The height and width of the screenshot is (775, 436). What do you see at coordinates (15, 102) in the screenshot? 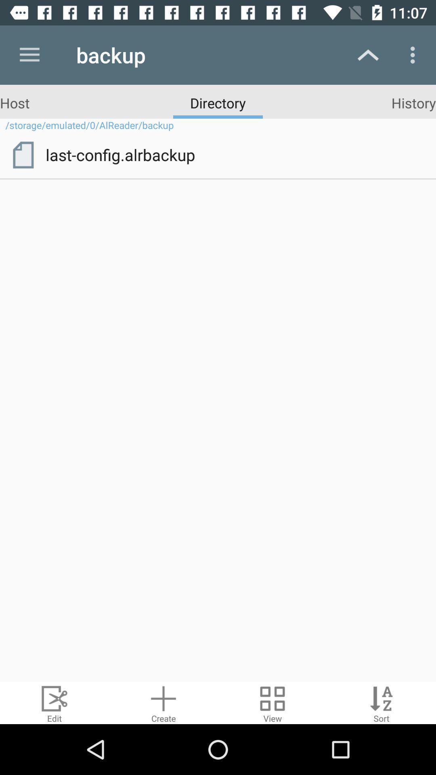
I see `the app next to directory app` at bounding box center [15, 102].